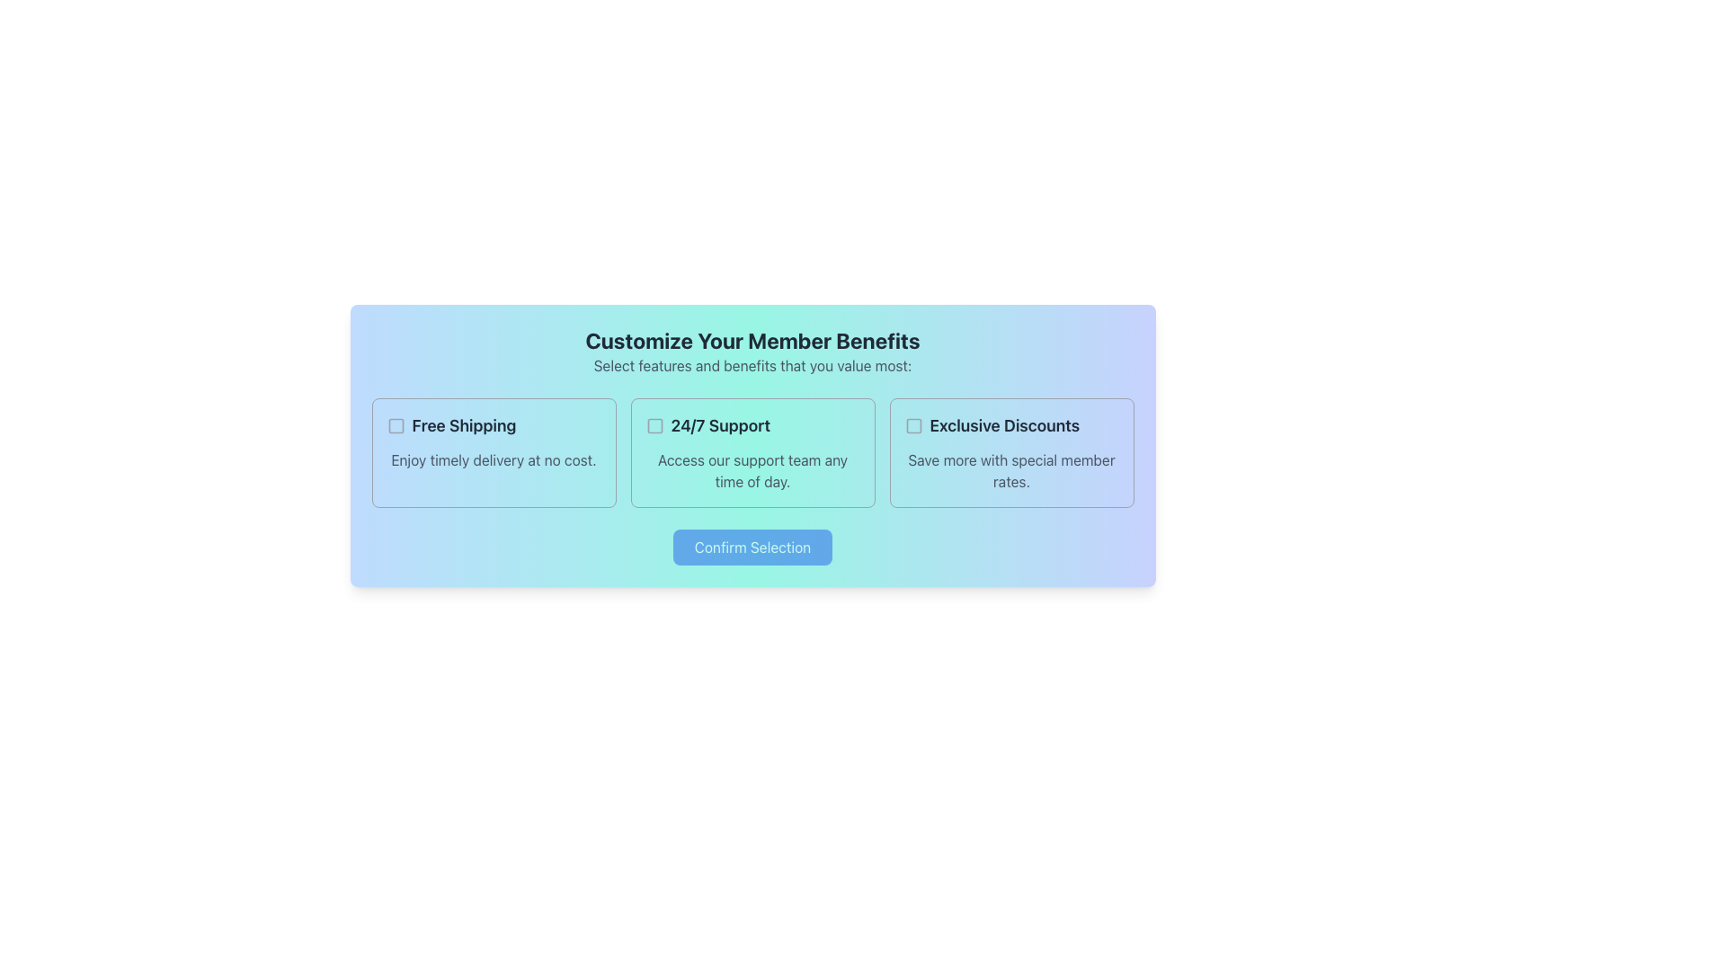 Image resolution: width=1726 pixels, height=971 pixels. What do you see at coordinates (654, 426) in the screenshot?
I see `the checkbox indicator for the '24/7 Support' feature` at bounding box center [654, 426].